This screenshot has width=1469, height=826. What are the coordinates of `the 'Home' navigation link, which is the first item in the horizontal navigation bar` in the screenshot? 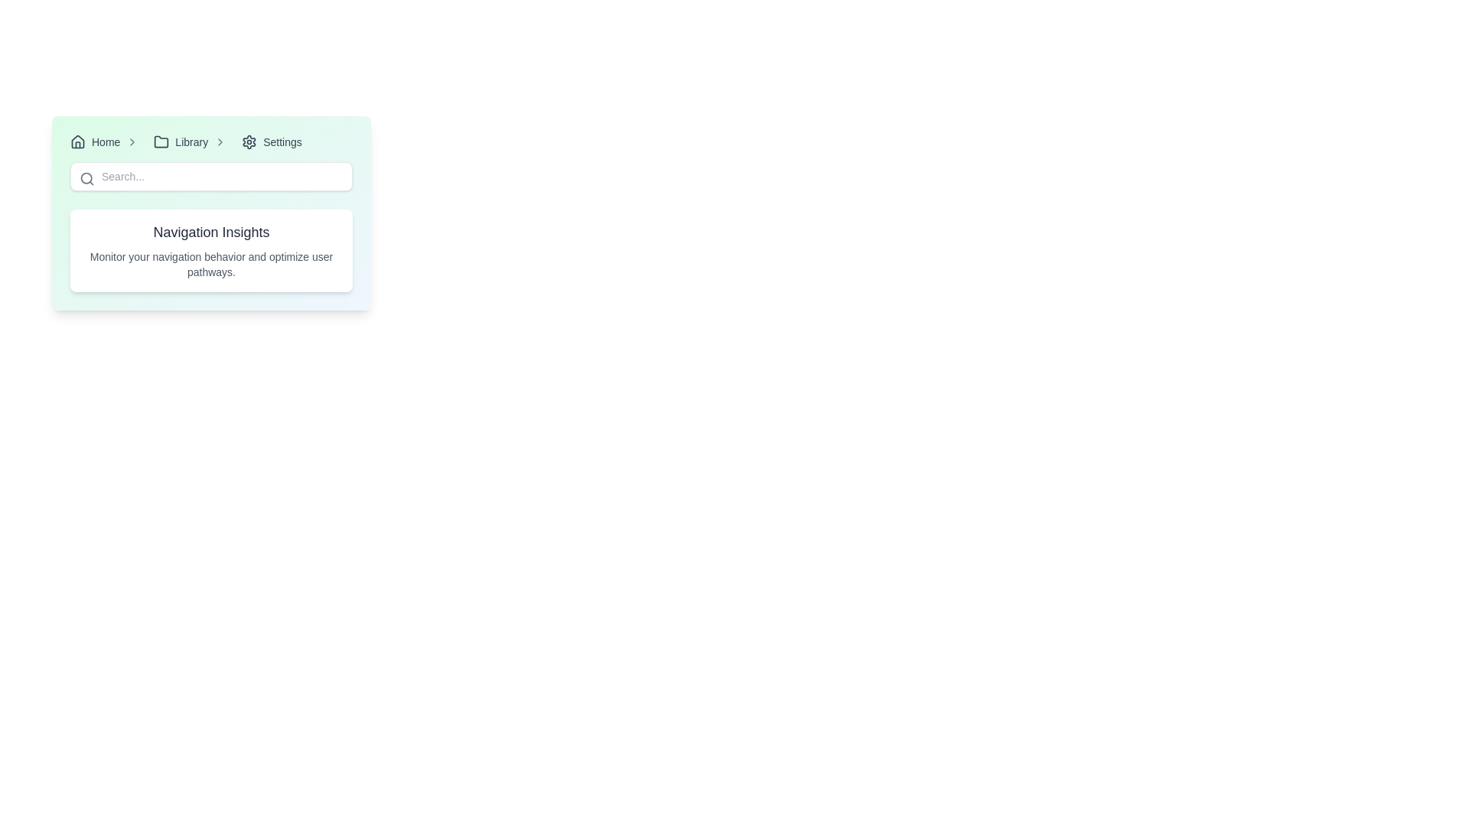 It's located at (106, 141).